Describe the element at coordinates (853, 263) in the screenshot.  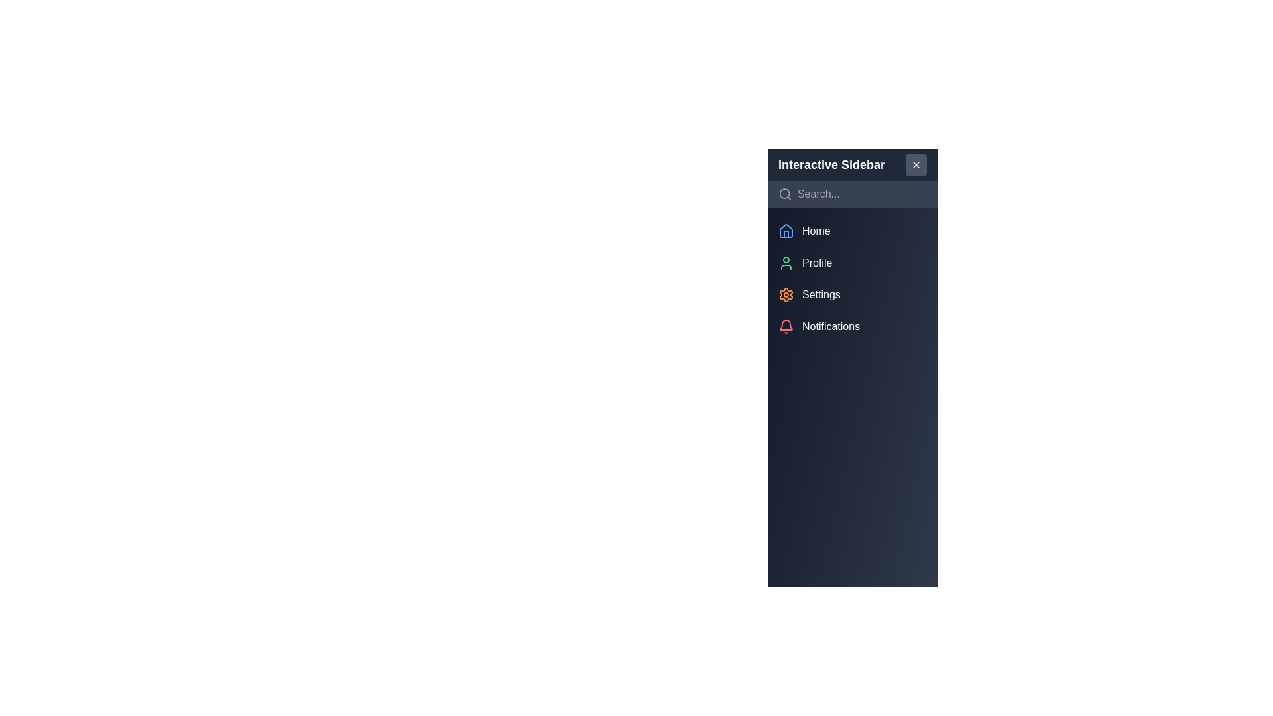
I see `the 'Profile' button, which is the second item in the sidebar list` at that location.